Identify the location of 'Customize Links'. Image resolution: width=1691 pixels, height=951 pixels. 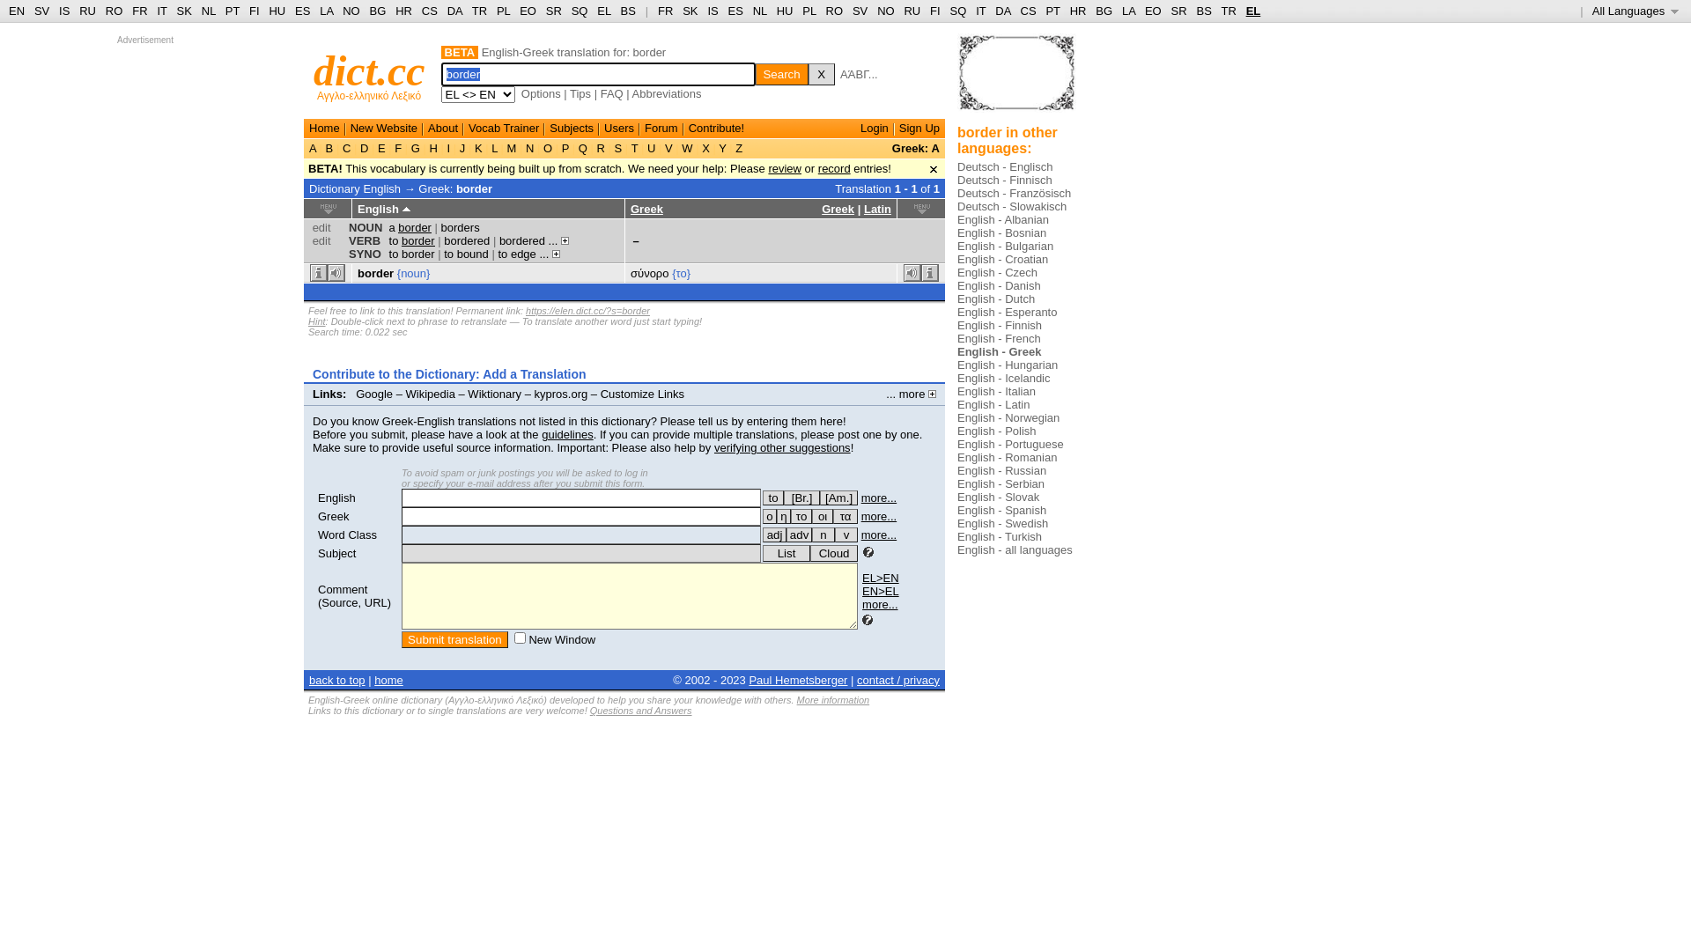
(641, 393).